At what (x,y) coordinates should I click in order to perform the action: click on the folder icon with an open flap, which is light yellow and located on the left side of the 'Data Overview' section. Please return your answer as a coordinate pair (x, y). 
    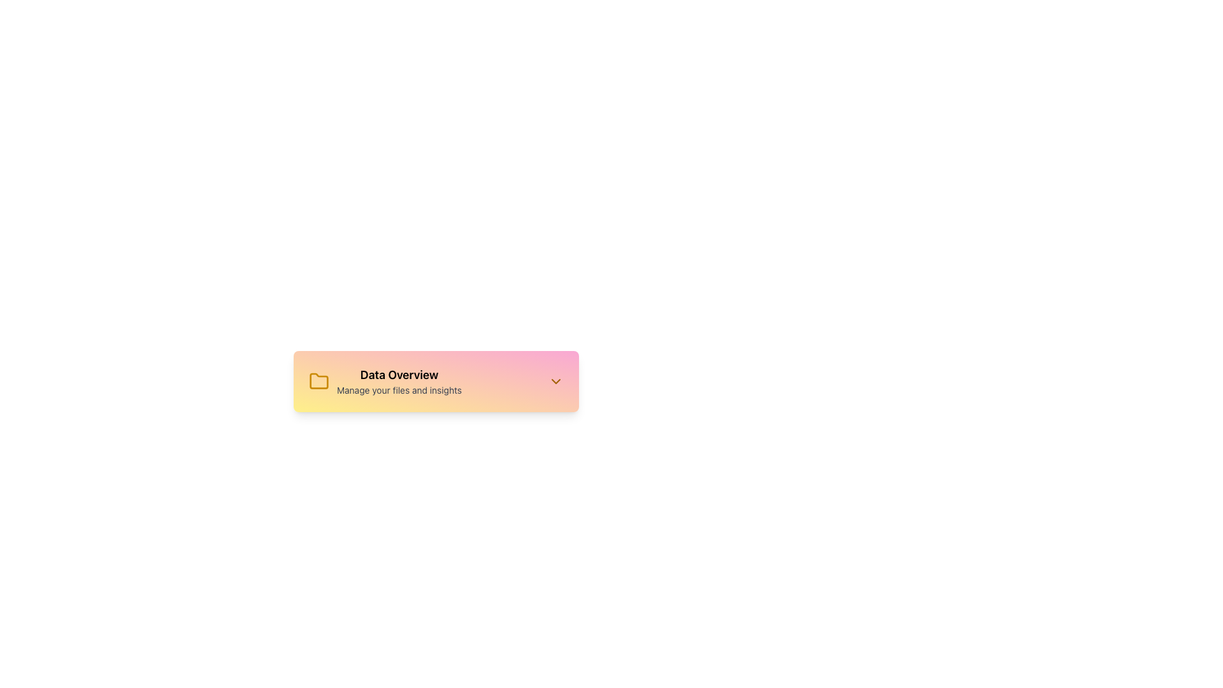
    Looking at the image, I should click on (318, 380).